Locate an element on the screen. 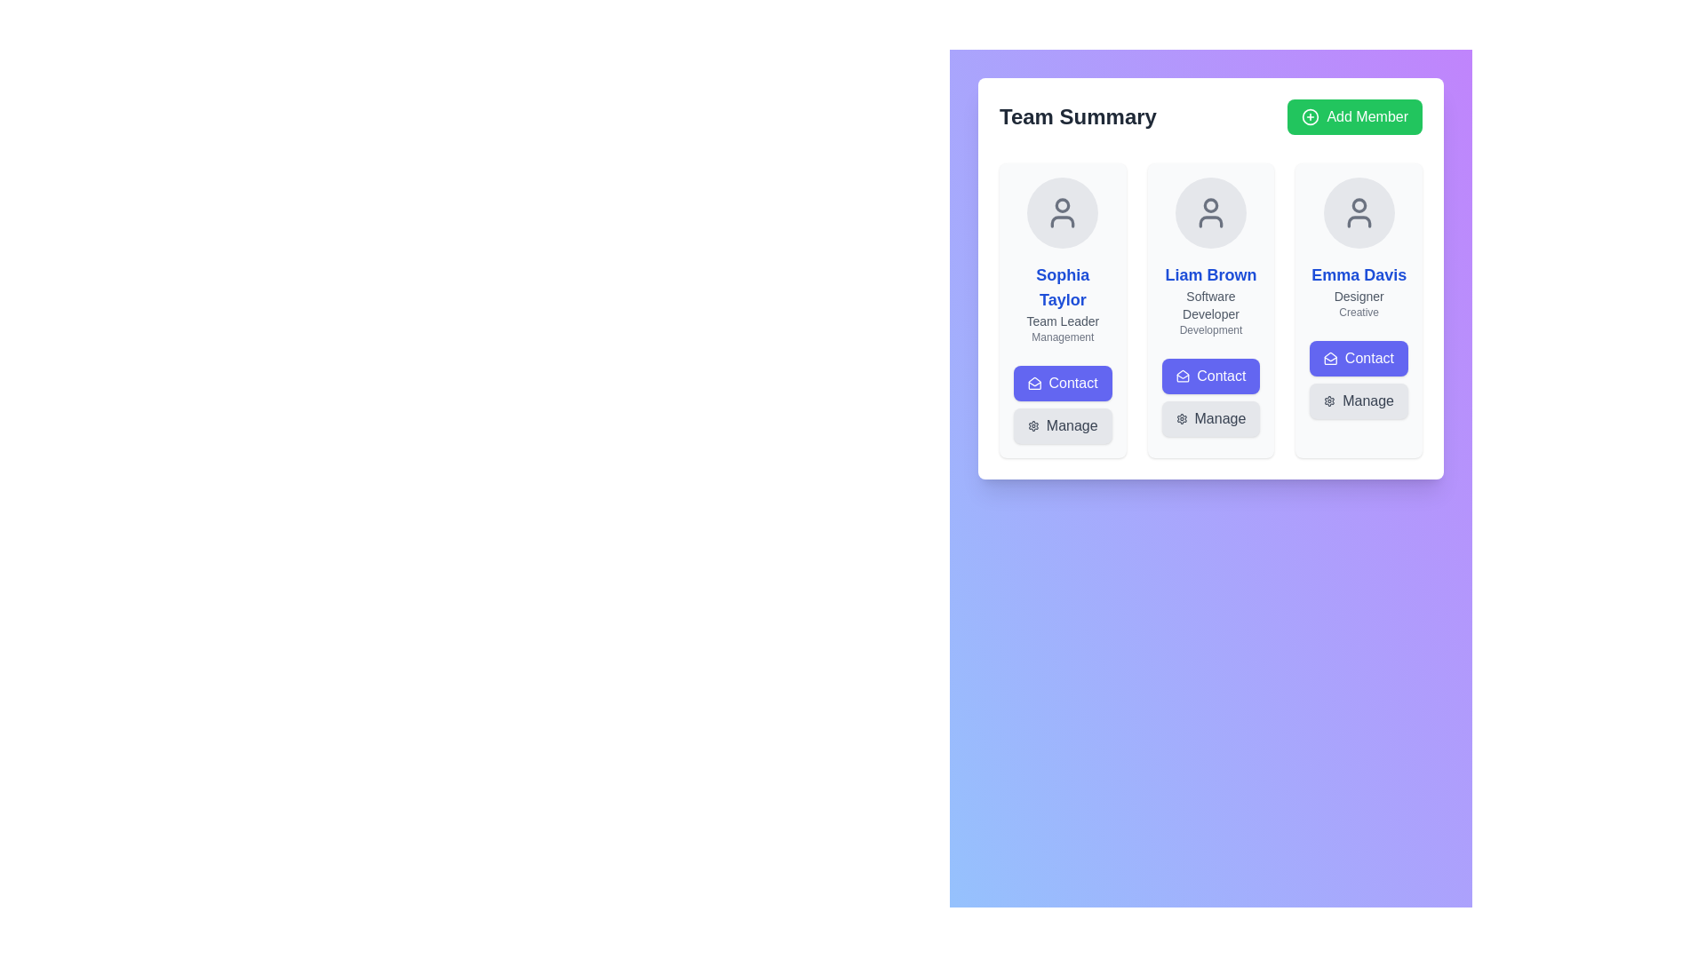  the circular gray user icon with a user silhouette, located in the card labeled 'Emma Davis', above the text 'Designer' and the buttons 'Contact' and 'Manage' is located at coordinates (1358, 211).